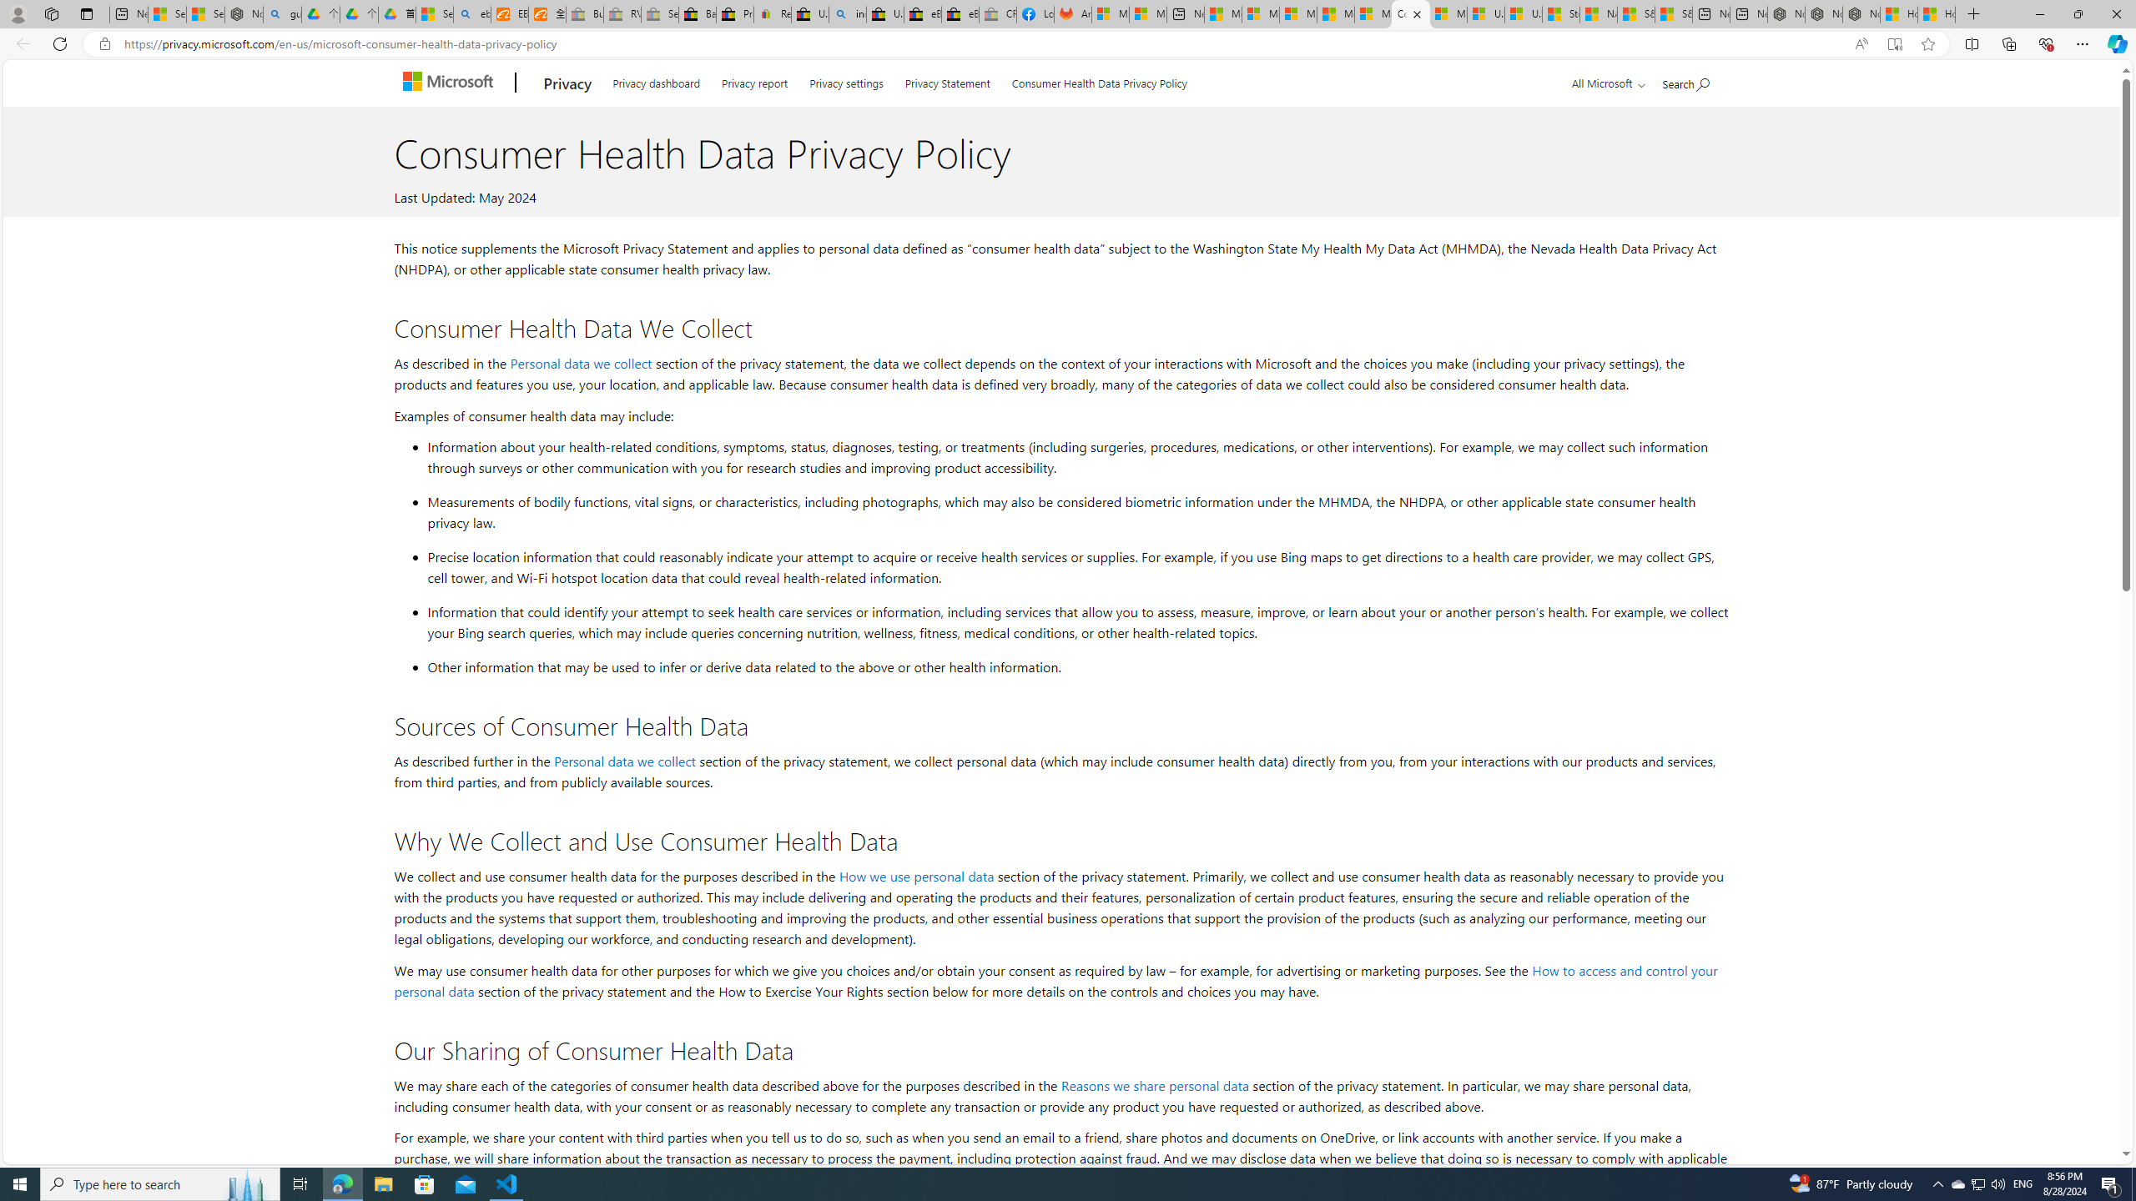  I want to click on 'U.S. State Privacy Disclosures - eBay Inc.', so click(884, 13).